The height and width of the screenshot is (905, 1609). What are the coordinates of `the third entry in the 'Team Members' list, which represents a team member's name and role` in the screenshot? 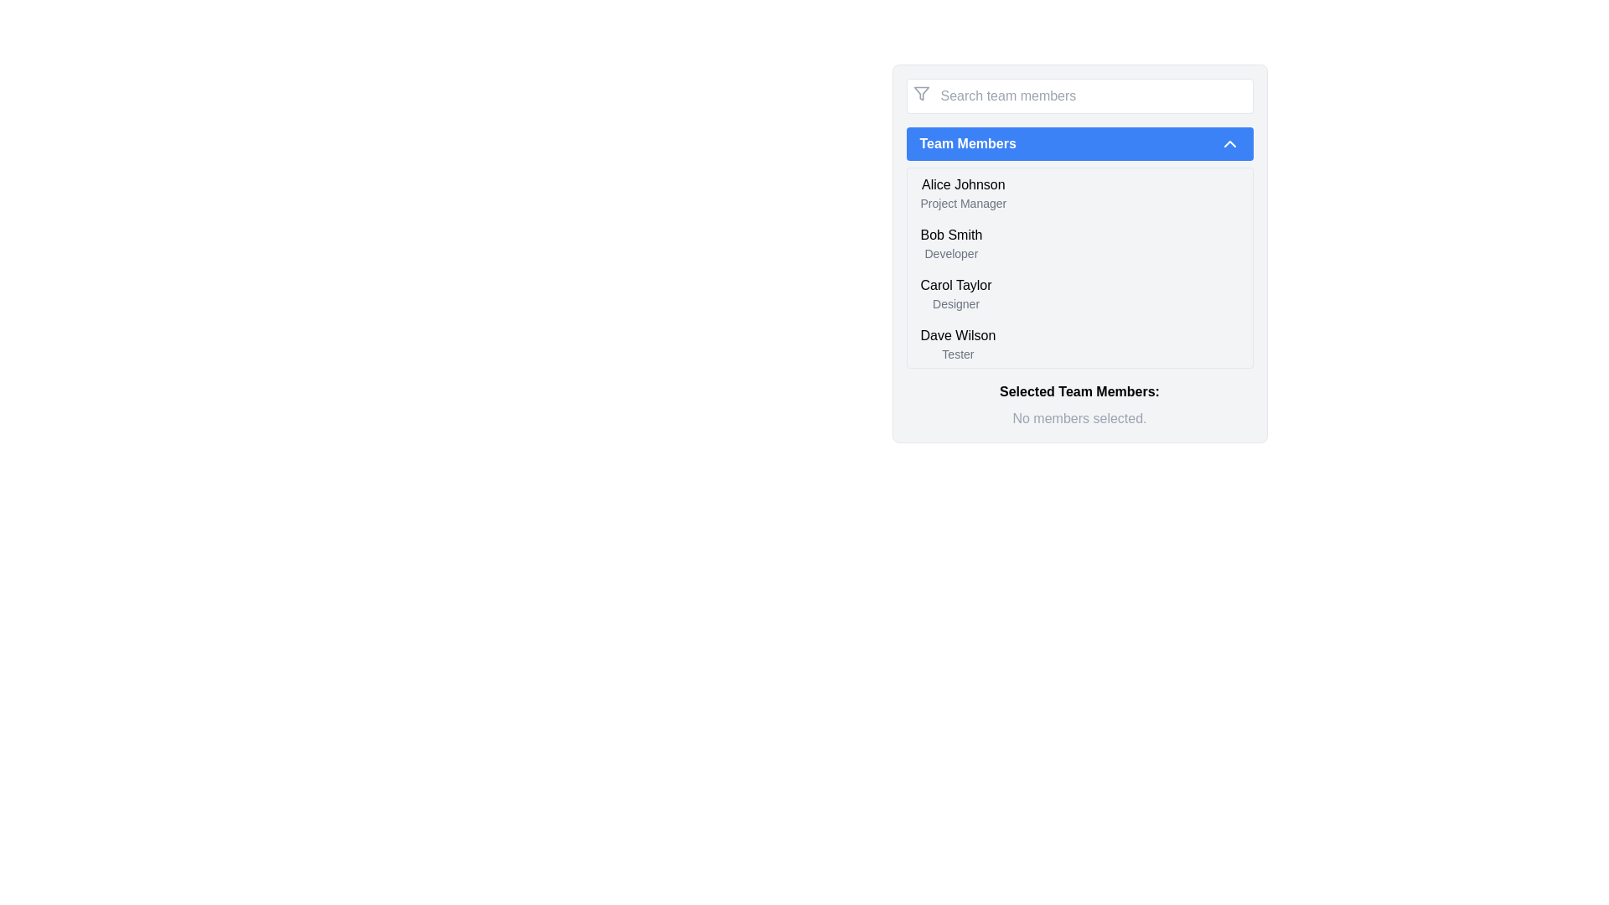 It's located at (956, 293).